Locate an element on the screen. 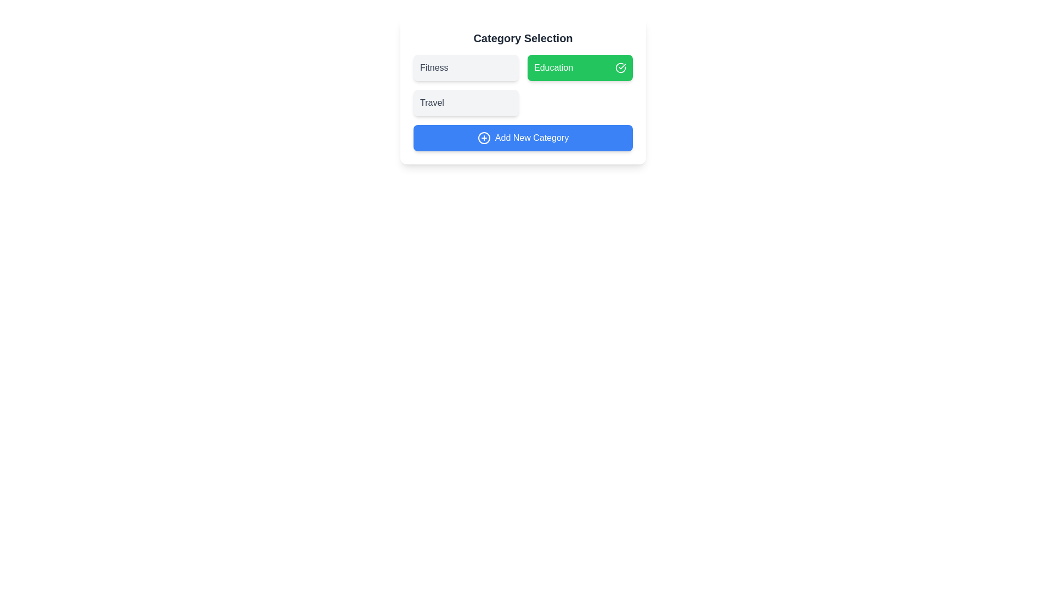 This screenshot has width=1053, height=592. the category Education is located at coordinates (579, 67).